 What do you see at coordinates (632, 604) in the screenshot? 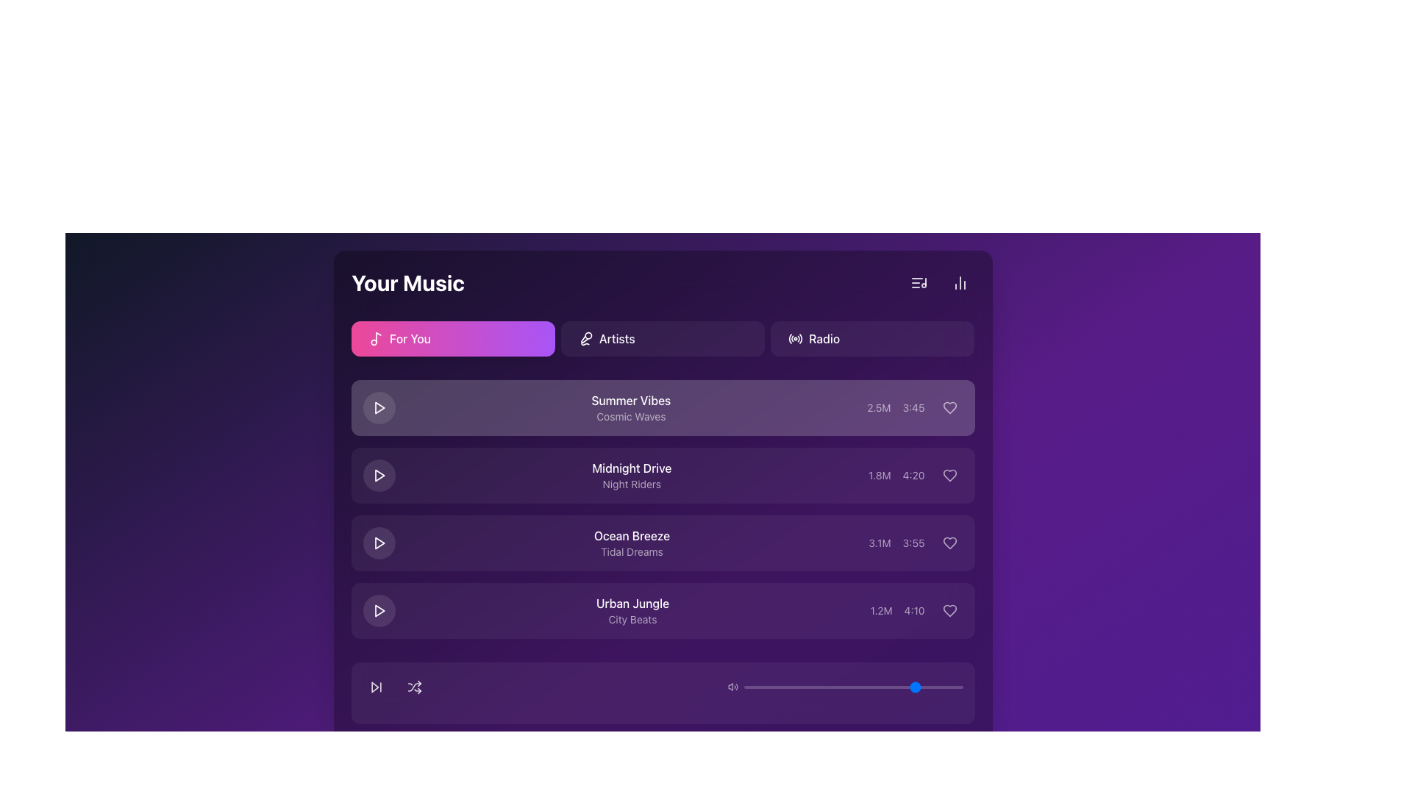
I see `the text label for the fourth track titled 'Urban Jungle' in the music playlist, which is displayed vertically with its subtitle 'City Beats' directly below it` at bounding box center [632, 604].